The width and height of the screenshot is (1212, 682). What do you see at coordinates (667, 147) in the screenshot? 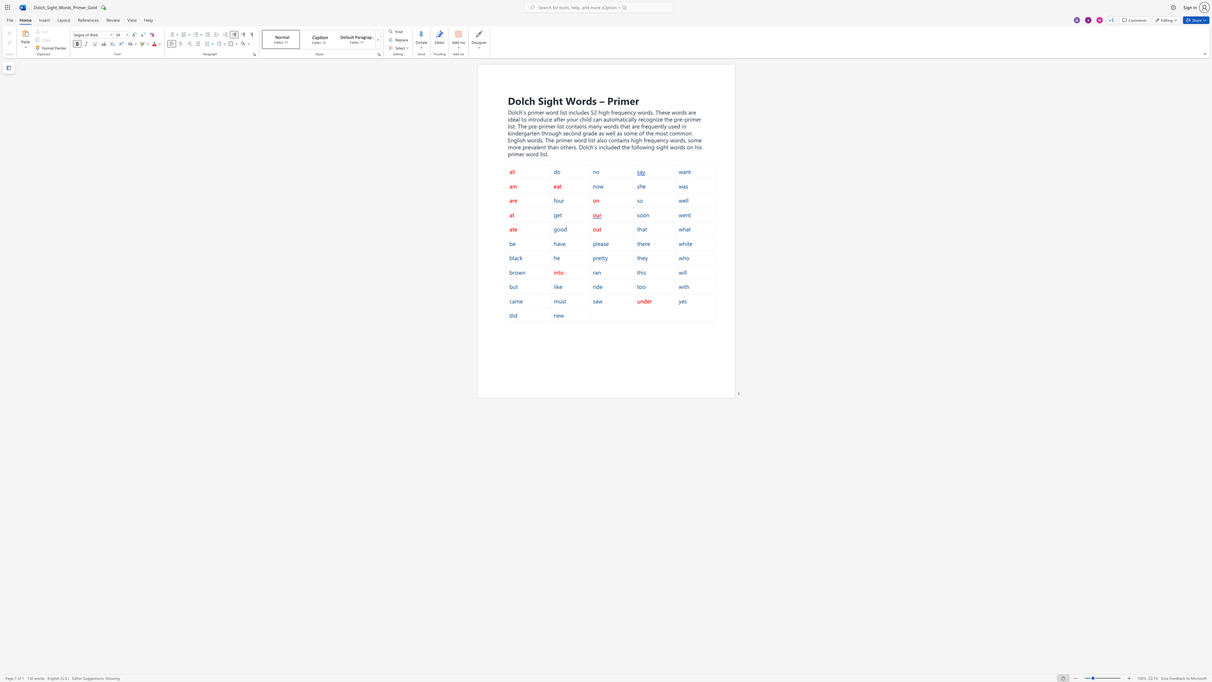
I see `the 5th character "t" in the text` at bounding box center [667, 147].